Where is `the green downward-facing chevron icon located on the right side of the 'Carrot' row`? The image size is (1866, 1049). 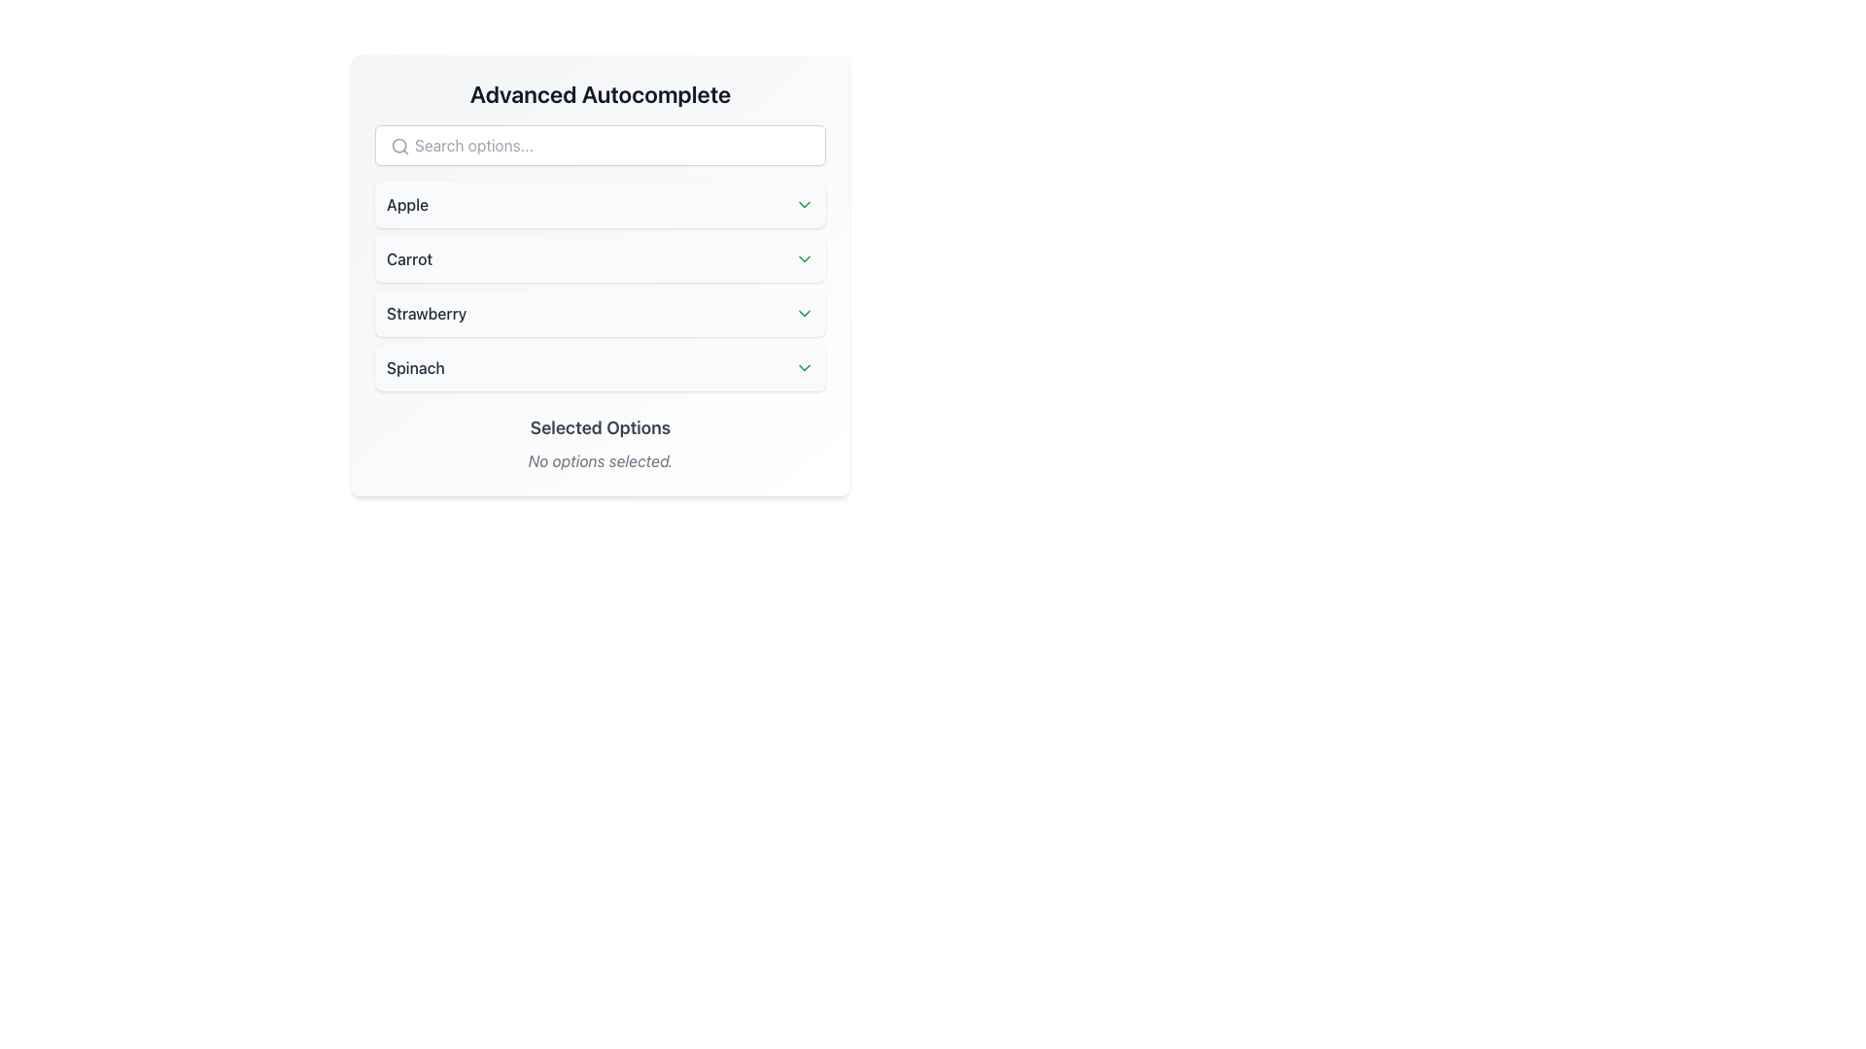
the green downward-facing chevron icon located on the right side of the 'Carrot' row is located at coordinates (805, 257).